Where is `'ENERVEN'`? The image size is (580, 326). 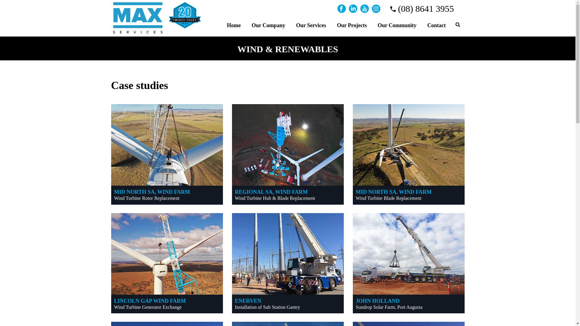 'ENERVEN' is located at coordinates (248, 301).